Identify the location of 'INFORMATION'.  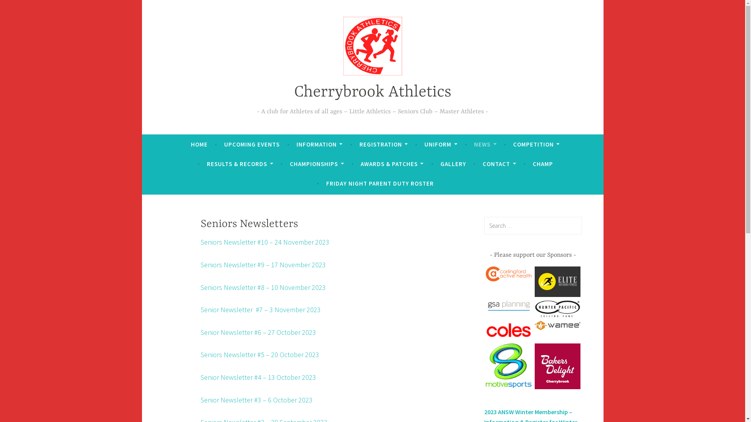
(319, 145).